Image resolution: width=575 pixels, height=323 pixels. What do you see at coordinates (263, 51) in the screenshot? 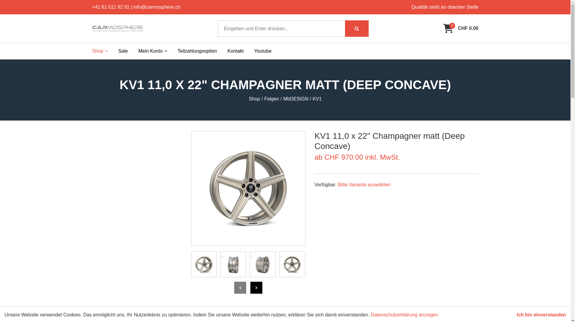
I see `'Youtube'` at bounding box center [263, 51].